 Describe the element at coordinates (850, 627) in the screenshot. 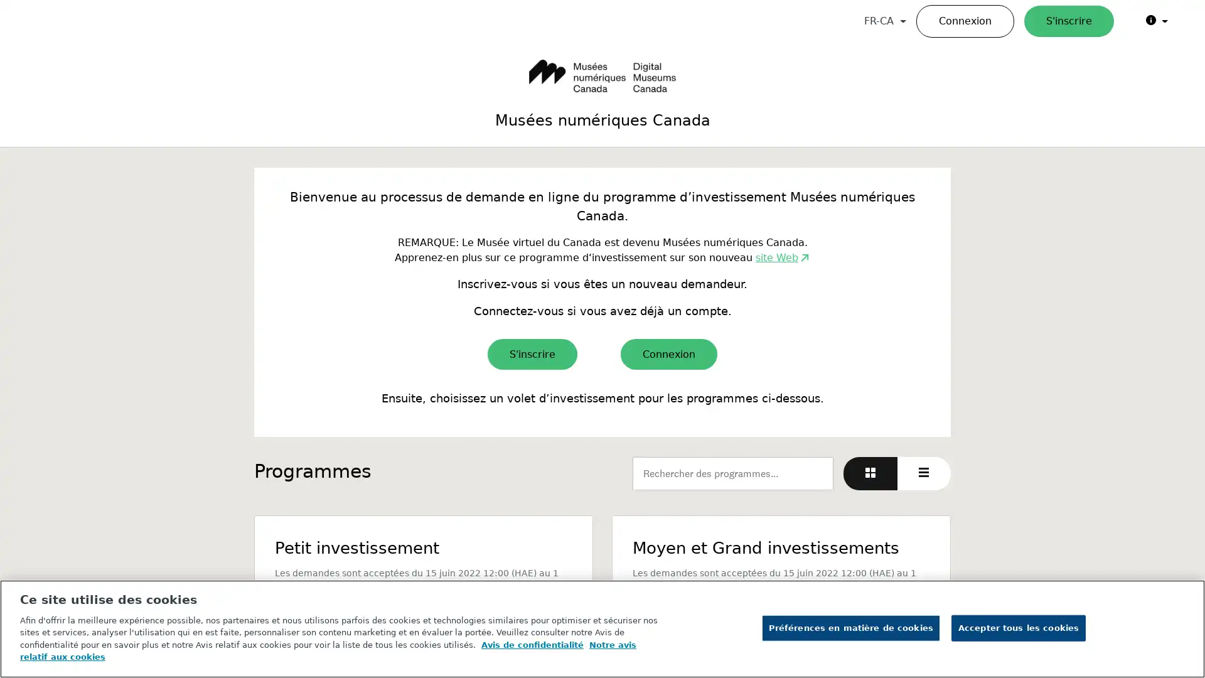

I see `Preferences en matiere de cookies` at that location.